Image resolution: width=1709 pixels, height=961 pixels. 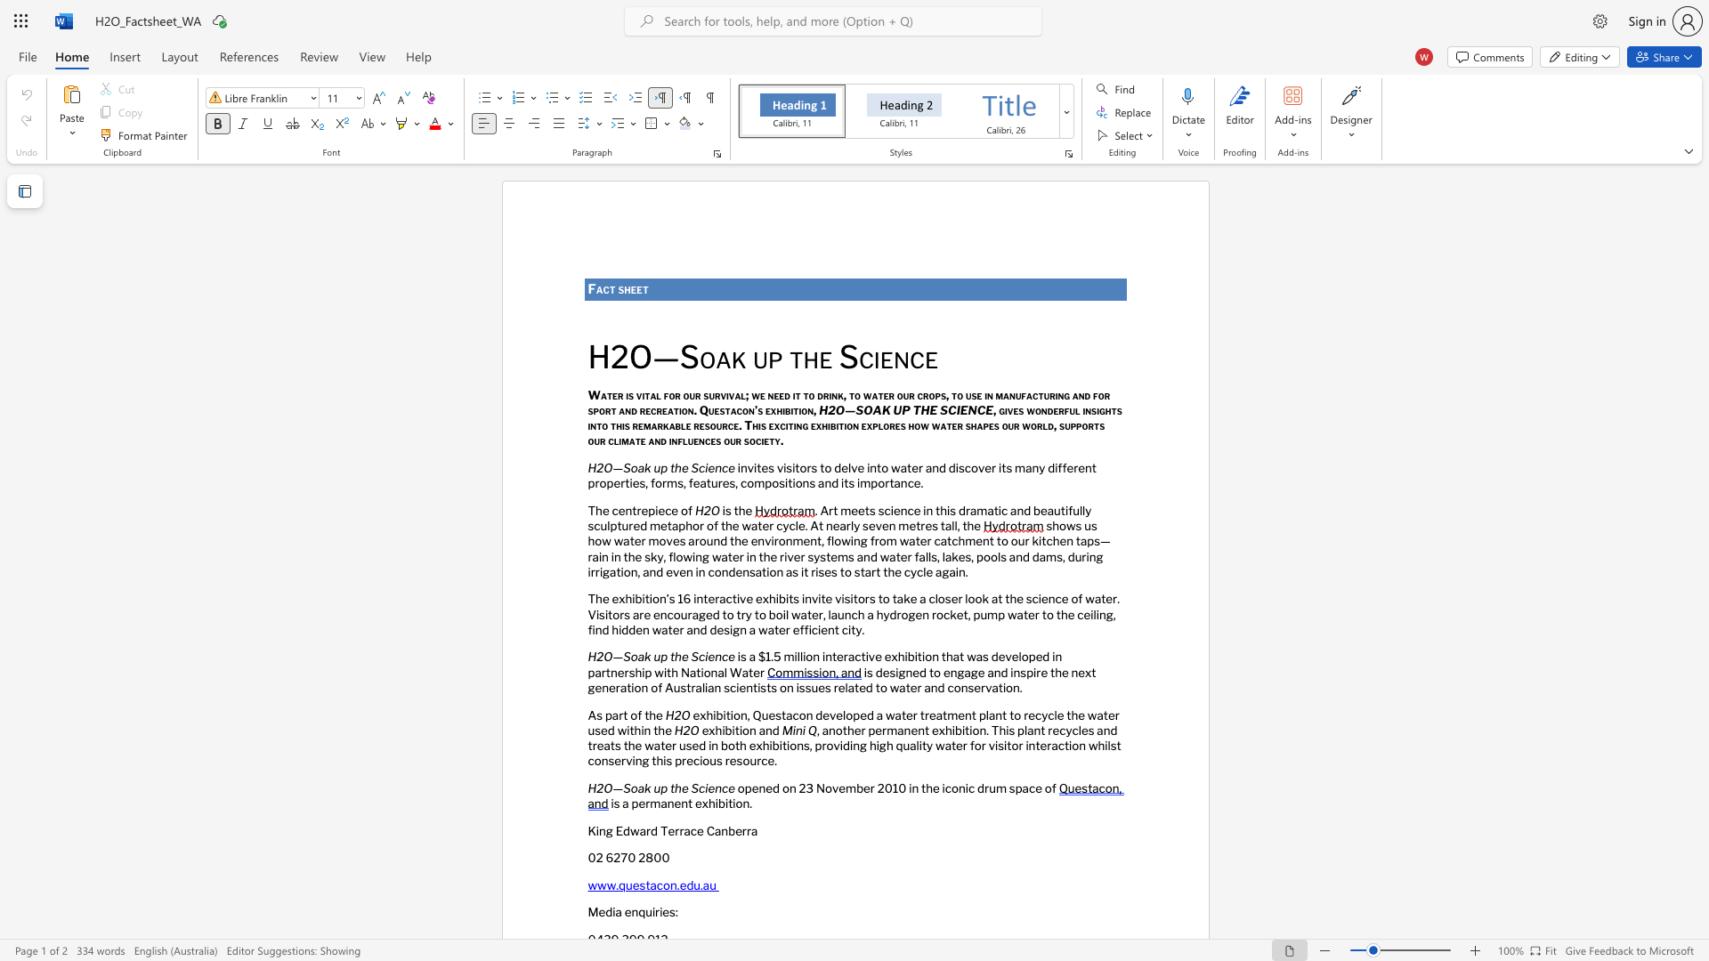 What do you see at coordinates (625, 510) in the screenshot?
I see `the subset text "ntrepiec" within the text "The centrepiece of"` at bounding box center [625, 510].